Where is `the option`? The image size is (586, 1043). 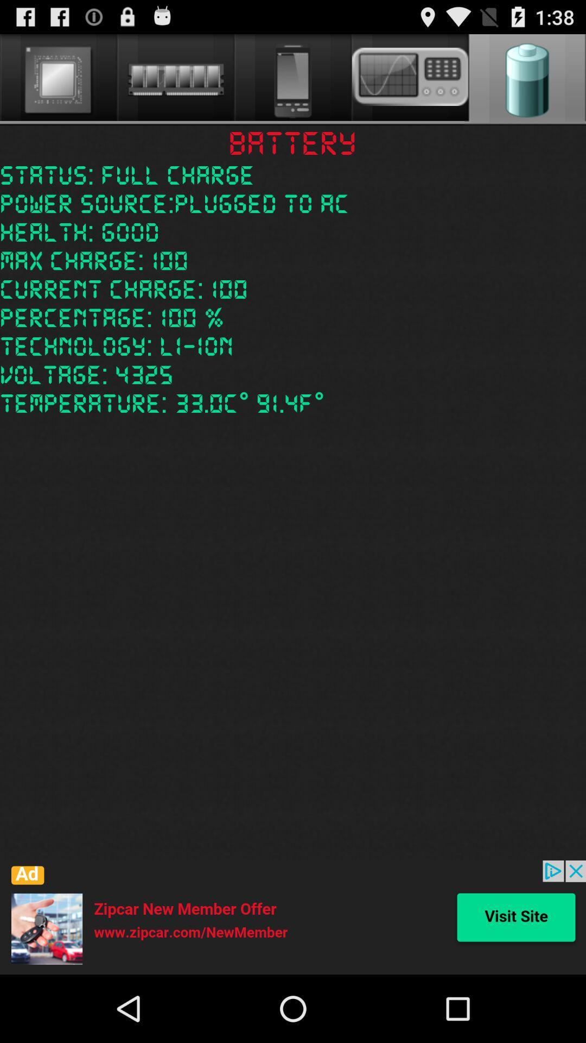 the option is located at coordinates (293, 917).